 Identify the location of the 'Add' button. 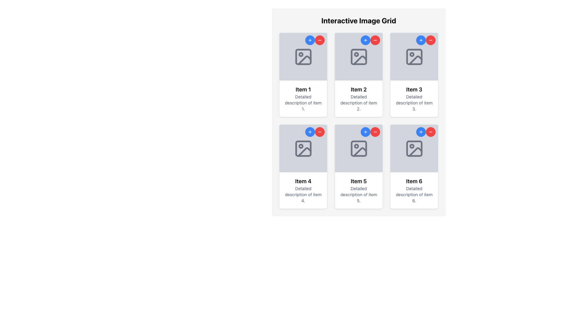
(365, 40).